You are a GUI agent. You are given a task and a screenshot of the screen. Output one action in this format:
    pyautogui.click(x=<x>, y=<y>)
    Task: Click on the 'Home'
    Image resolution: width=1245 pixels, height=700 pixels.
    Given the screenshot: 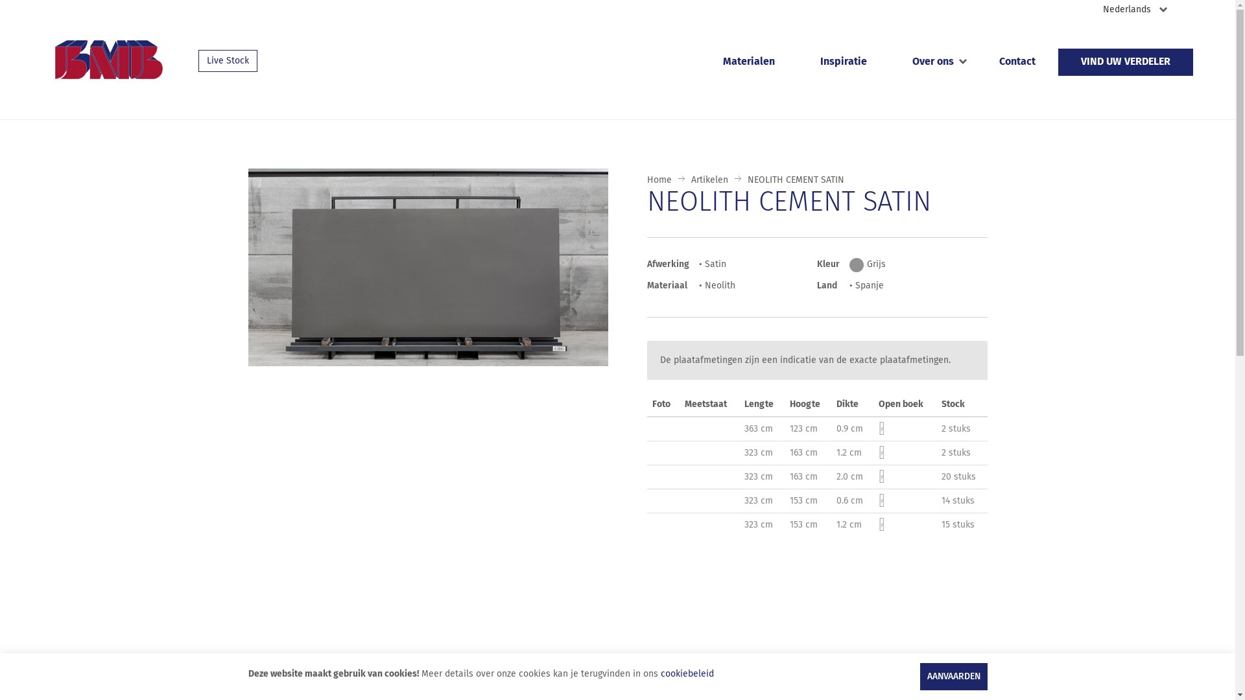 What is the action you would take?
    pyautogui.click(x=659, y=180)
    